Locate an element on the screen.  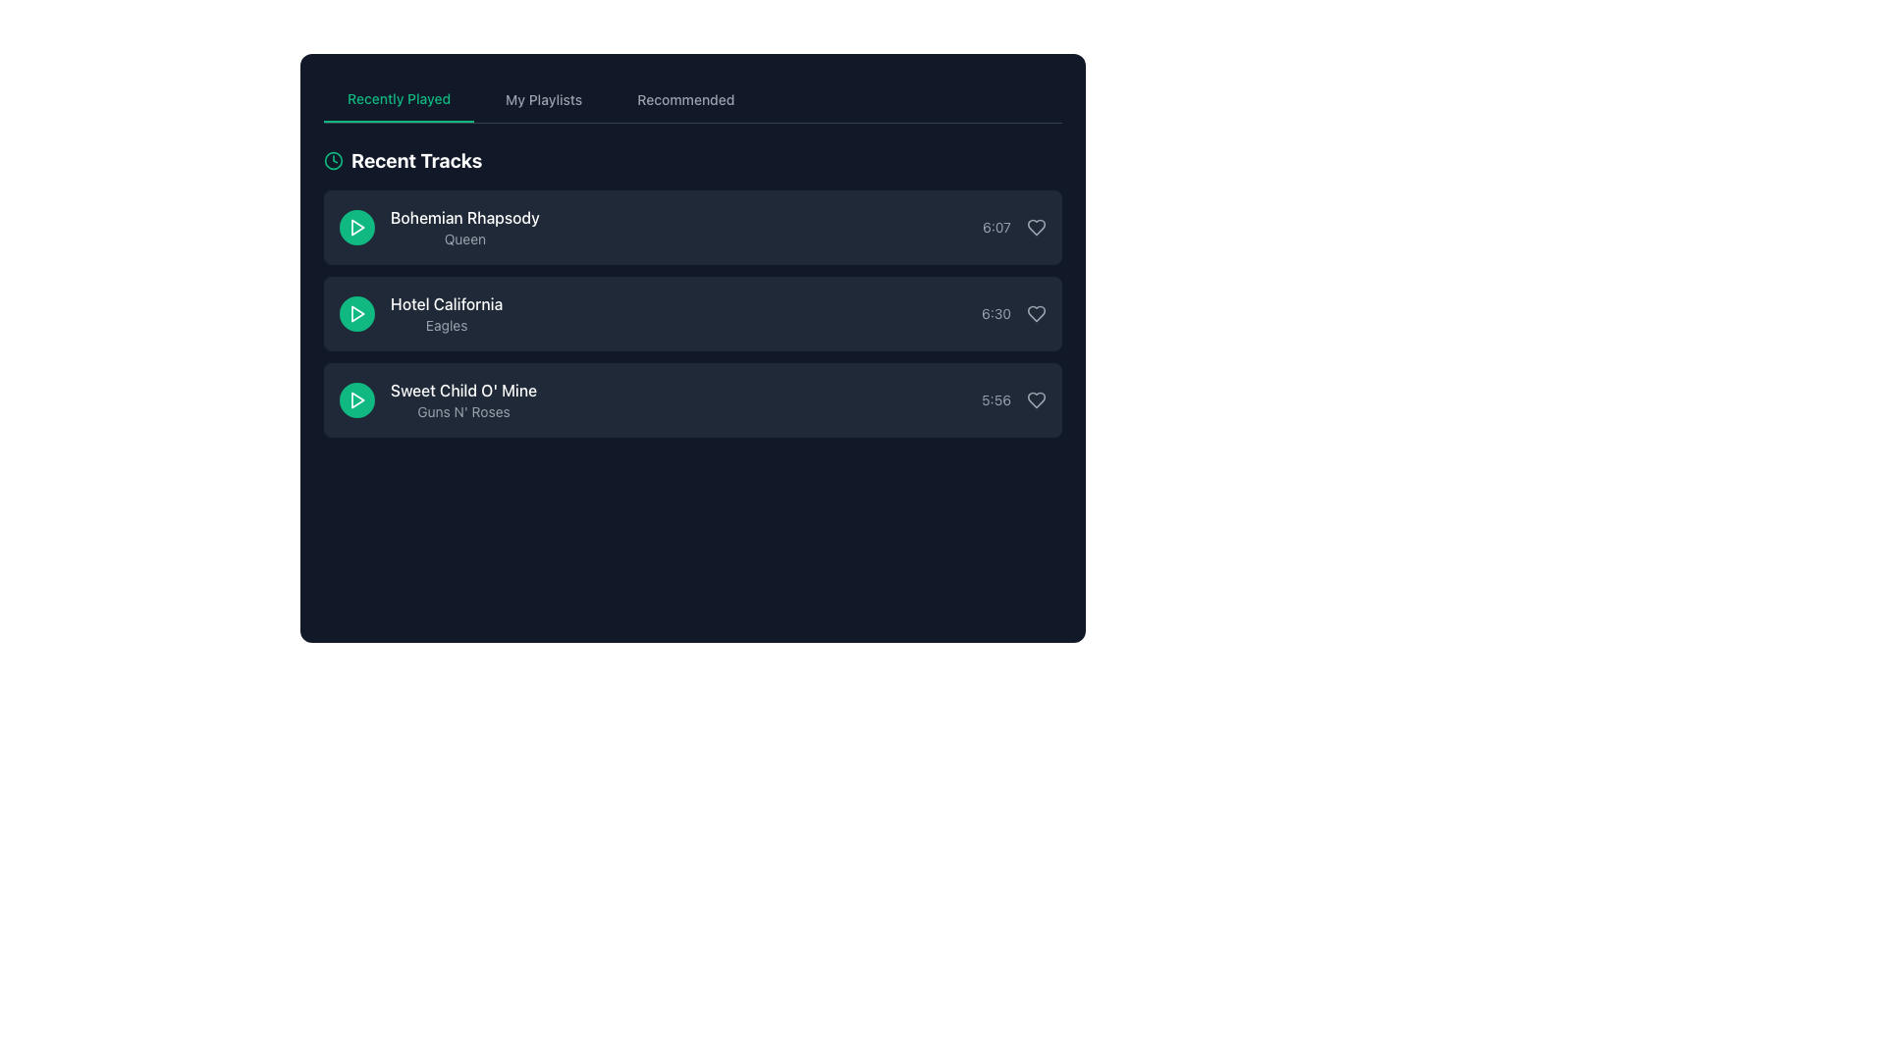
the triangular play icon in the 'Recent Tracks' section for the 'Bohemian Rhapsody' track, which is styled with a white outline against a transparent background is located at coordinates (357, 226).